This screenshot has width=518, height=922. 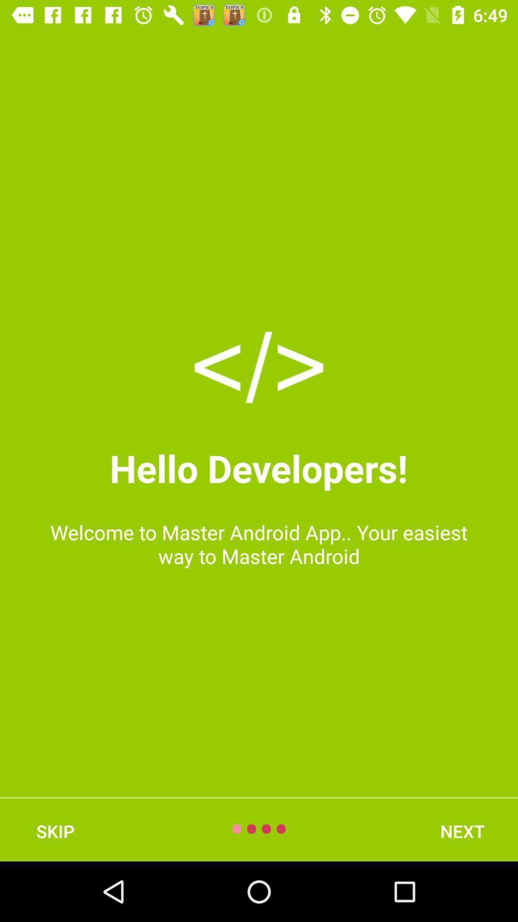 I want to click on the next icon, so click(x=462, y=831).